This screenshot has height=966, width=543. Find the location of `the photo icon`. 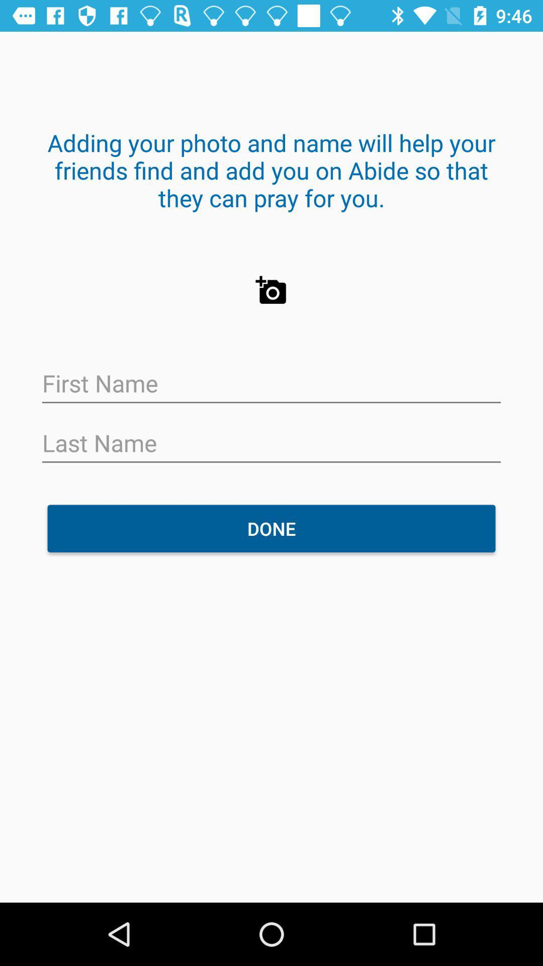

the photo icon is located at coordinates (271, 290).